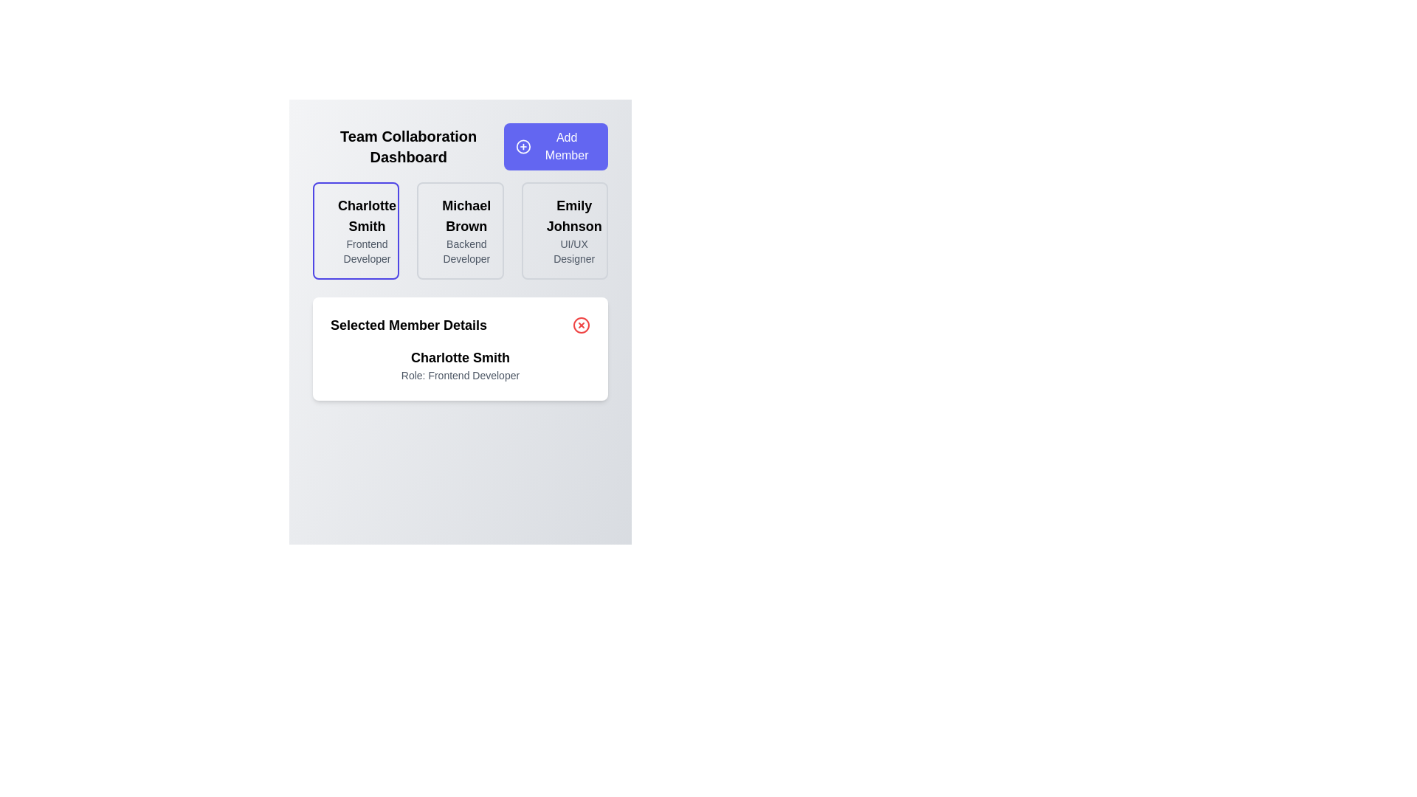  What do you see at coordinates (408, 147) in the screenshot?
I see `the Text label at the top-left corner of the interface, which serves as the title or header for the dashboard` at bounding box center [408, 147].